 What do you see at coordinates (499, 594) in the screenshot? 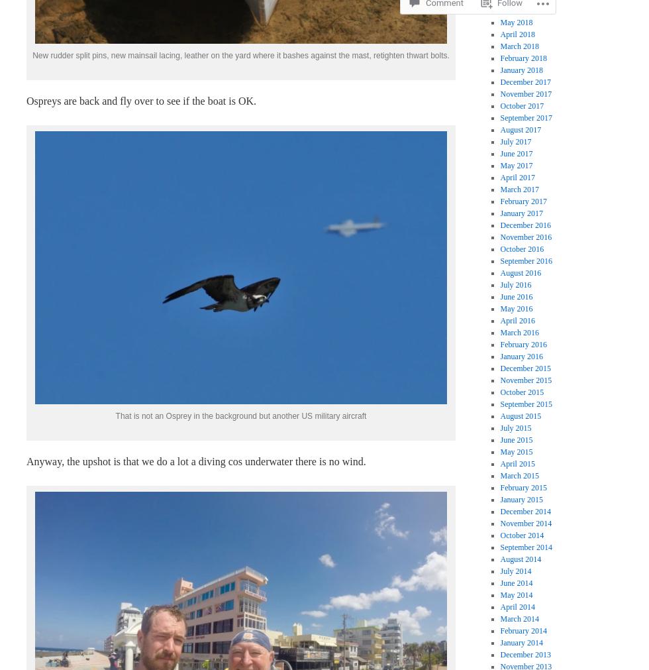
I see `'May 2014'` at bounding box center [499, 594].